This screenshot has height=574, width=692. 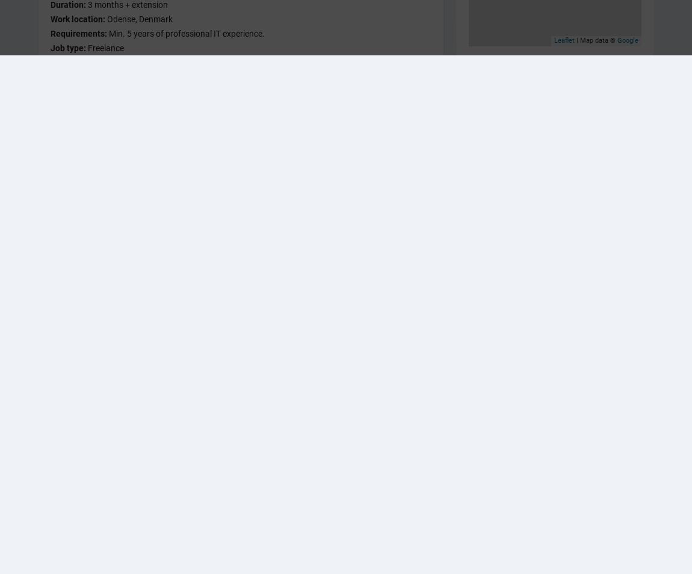 What do you see at coordinates (382, 311) in the screenshot?
I see `'Sådan laver du den rigtige kontrakt med dine kunder, så begge parter er enige om opgavens indhold, omfang og pris.'` at bounding box center [382, 311].